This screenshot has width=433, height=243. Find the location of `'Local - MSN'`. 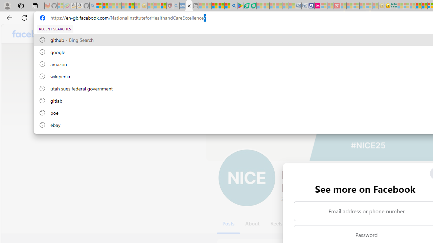

'Local - MSN' is located at coordinates (163, 6).